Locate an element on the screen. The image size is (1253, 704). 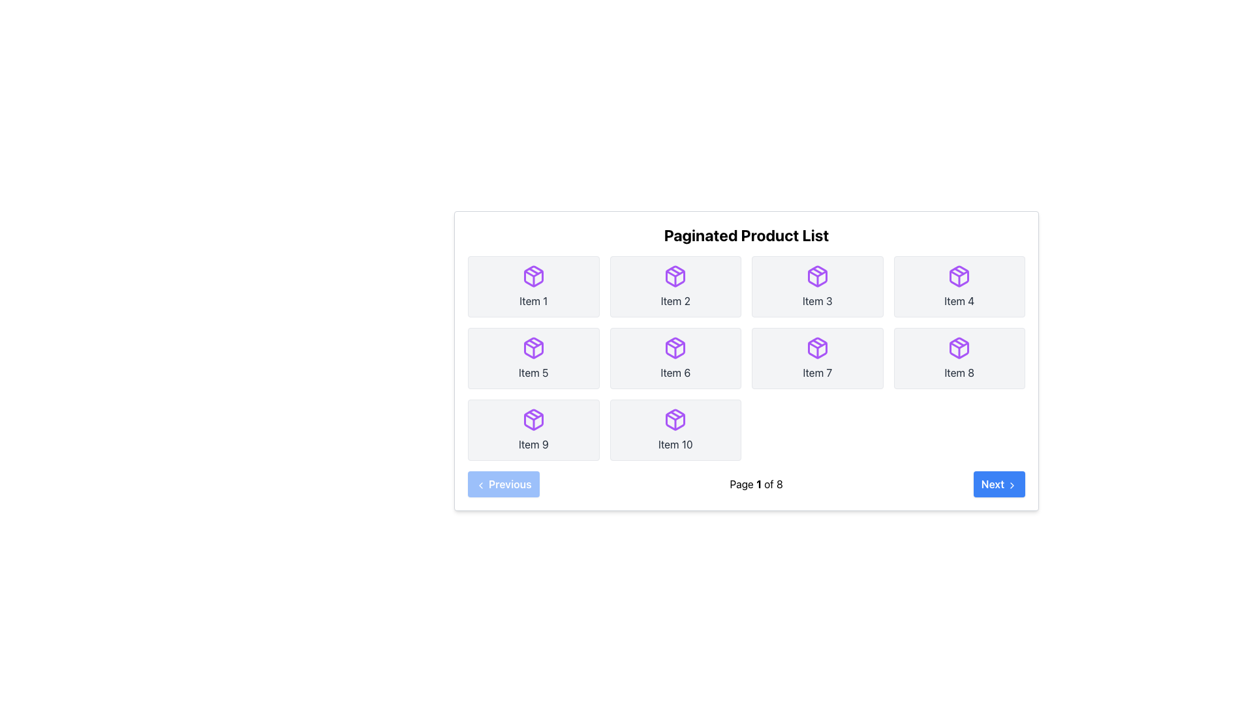
the purple polygonal graphic forming a downward arrow shape, which is part of the SVG icon in the fifth item of the paginated product list is located at coordinates (533, 345).